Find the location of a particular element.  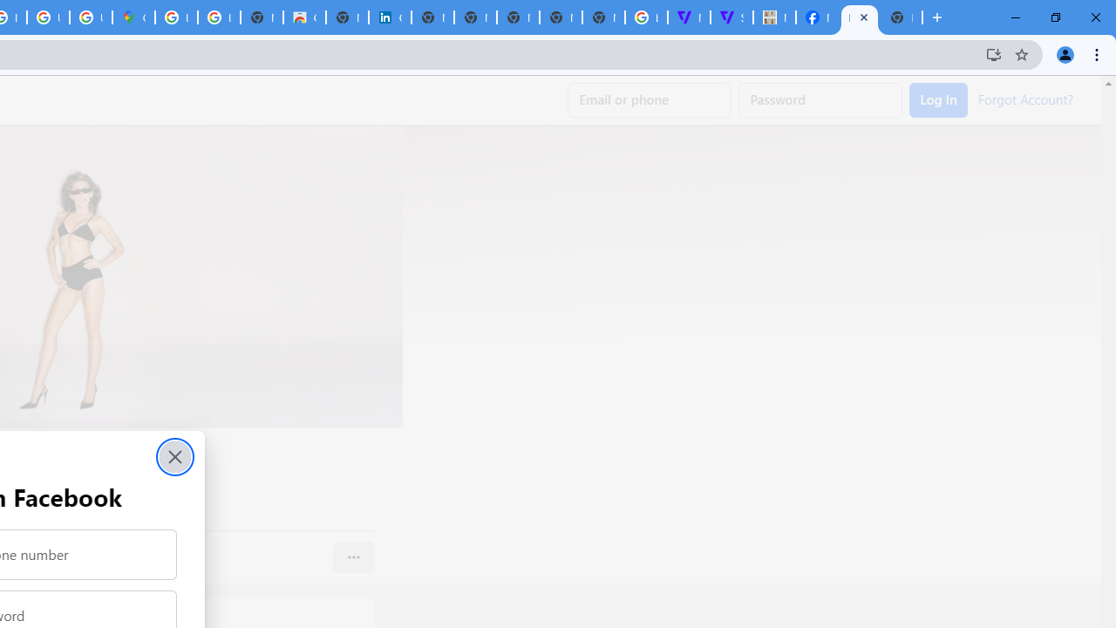

'Forgot Account?' is located at coordinates (1025, 99).